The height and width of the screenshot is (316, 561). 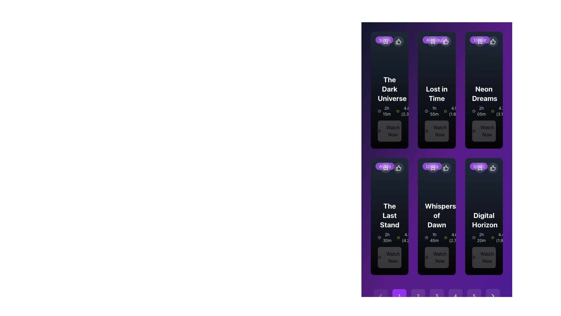 I want to click on the text indicator displaying a duration of '2h 30m' next to a clock icon, which is styled in white against a dark background, located beneath the title 'The Last Stand', so click(x=385, y=238).